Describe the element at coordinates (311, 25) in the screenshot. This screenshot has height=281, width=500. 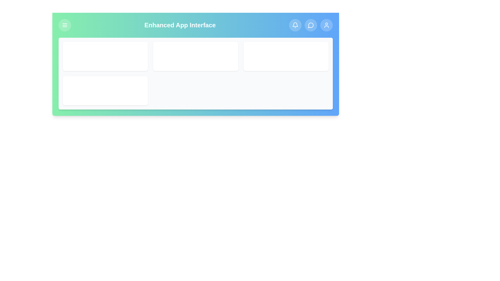
I see `messages button to view messages` at that location.